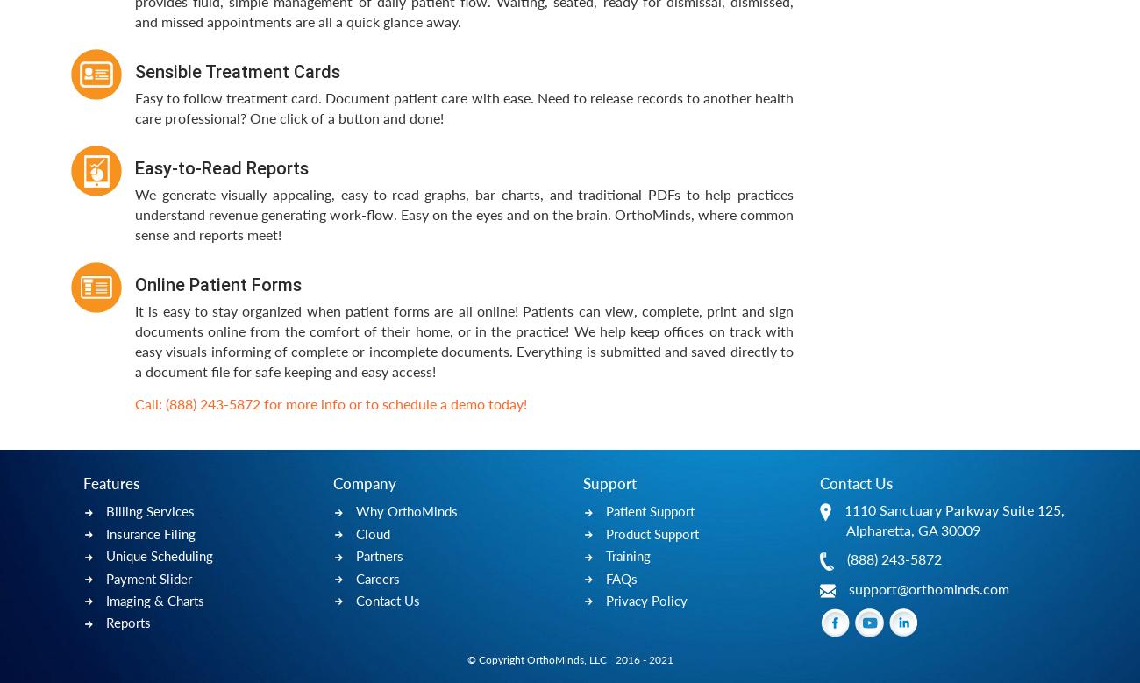 The image size is (1140, 683). Describe the element at coordinates (150, 510) in the screenshot. I see `'Billing Services'` at that location.